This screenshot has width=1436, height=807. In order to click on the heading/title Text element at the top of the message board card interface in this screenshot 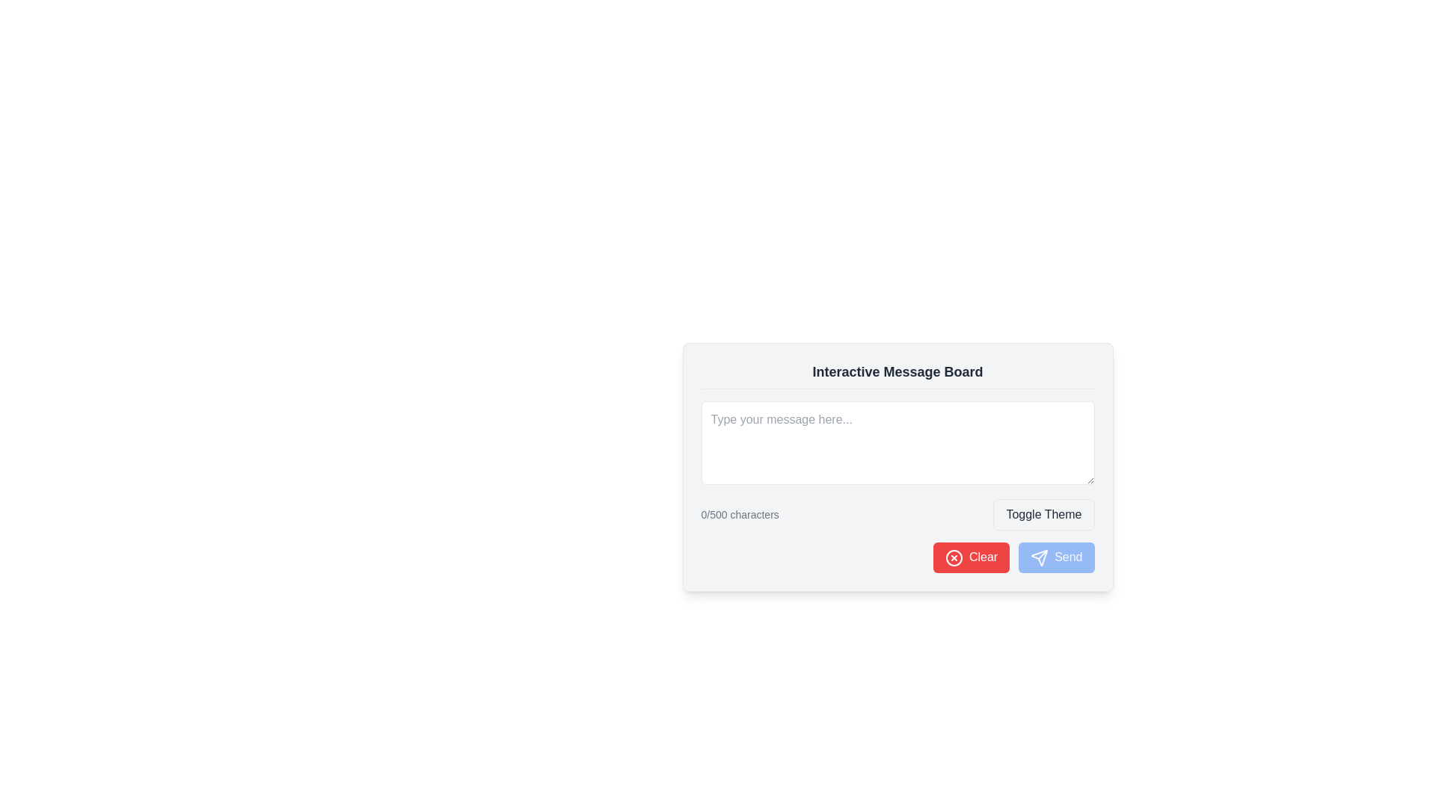, I will do `click(897, 374)`.